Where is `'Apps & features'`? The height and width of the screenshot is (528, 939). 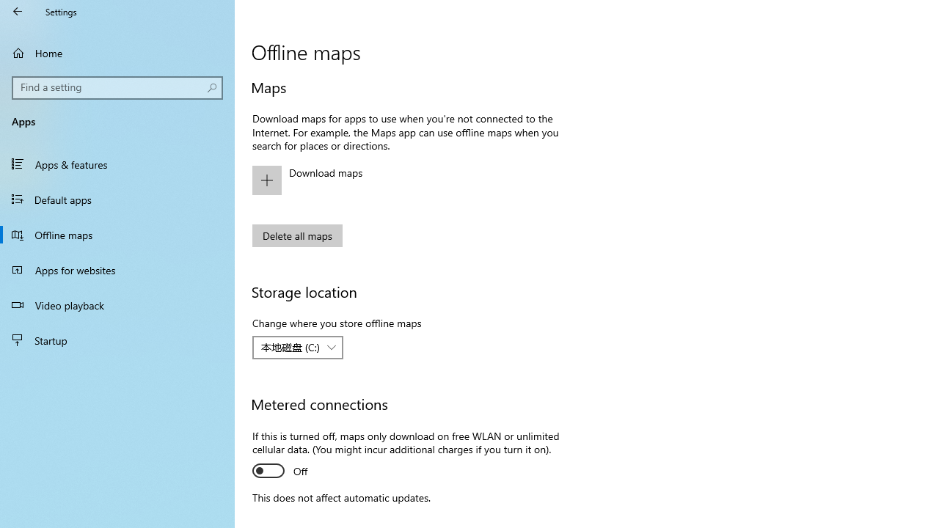
'Apps & features' is located at coordinates (117, 164).